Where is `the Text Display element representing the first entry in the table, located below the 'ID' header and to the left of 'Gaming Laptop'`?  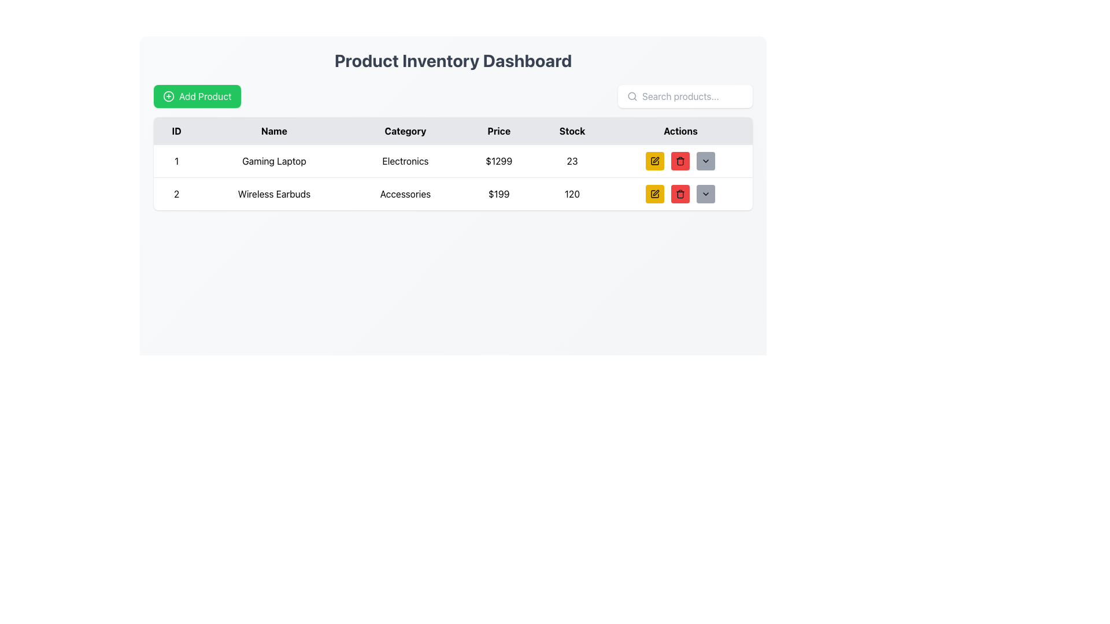 the Text Display element representing the first entry in the table, located below the 'ID' header and to the left of 'Gaming Laptop' is located at coordinates (176, 161).